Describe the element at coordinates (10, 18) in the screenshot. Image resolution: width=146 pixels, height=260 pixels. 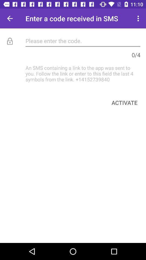
I see `share` at that location.